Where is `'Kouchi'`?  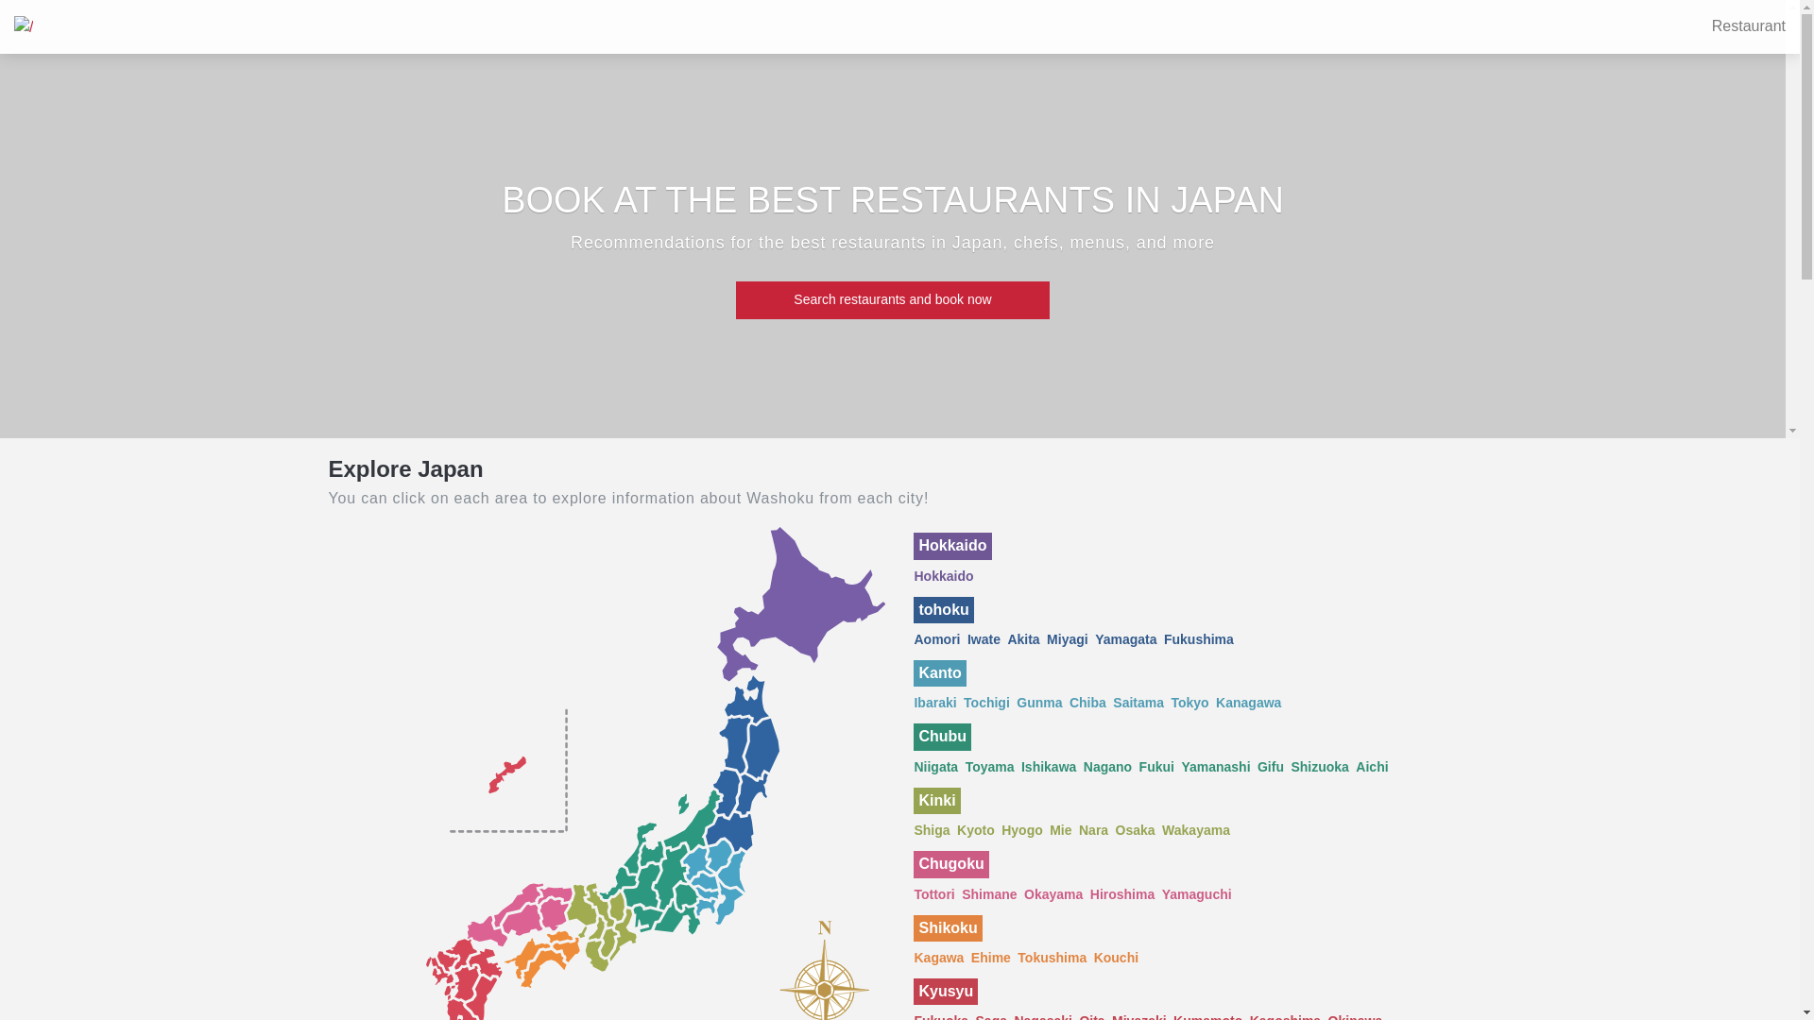
'Kouchi' is located at coordinates (1116, 958).